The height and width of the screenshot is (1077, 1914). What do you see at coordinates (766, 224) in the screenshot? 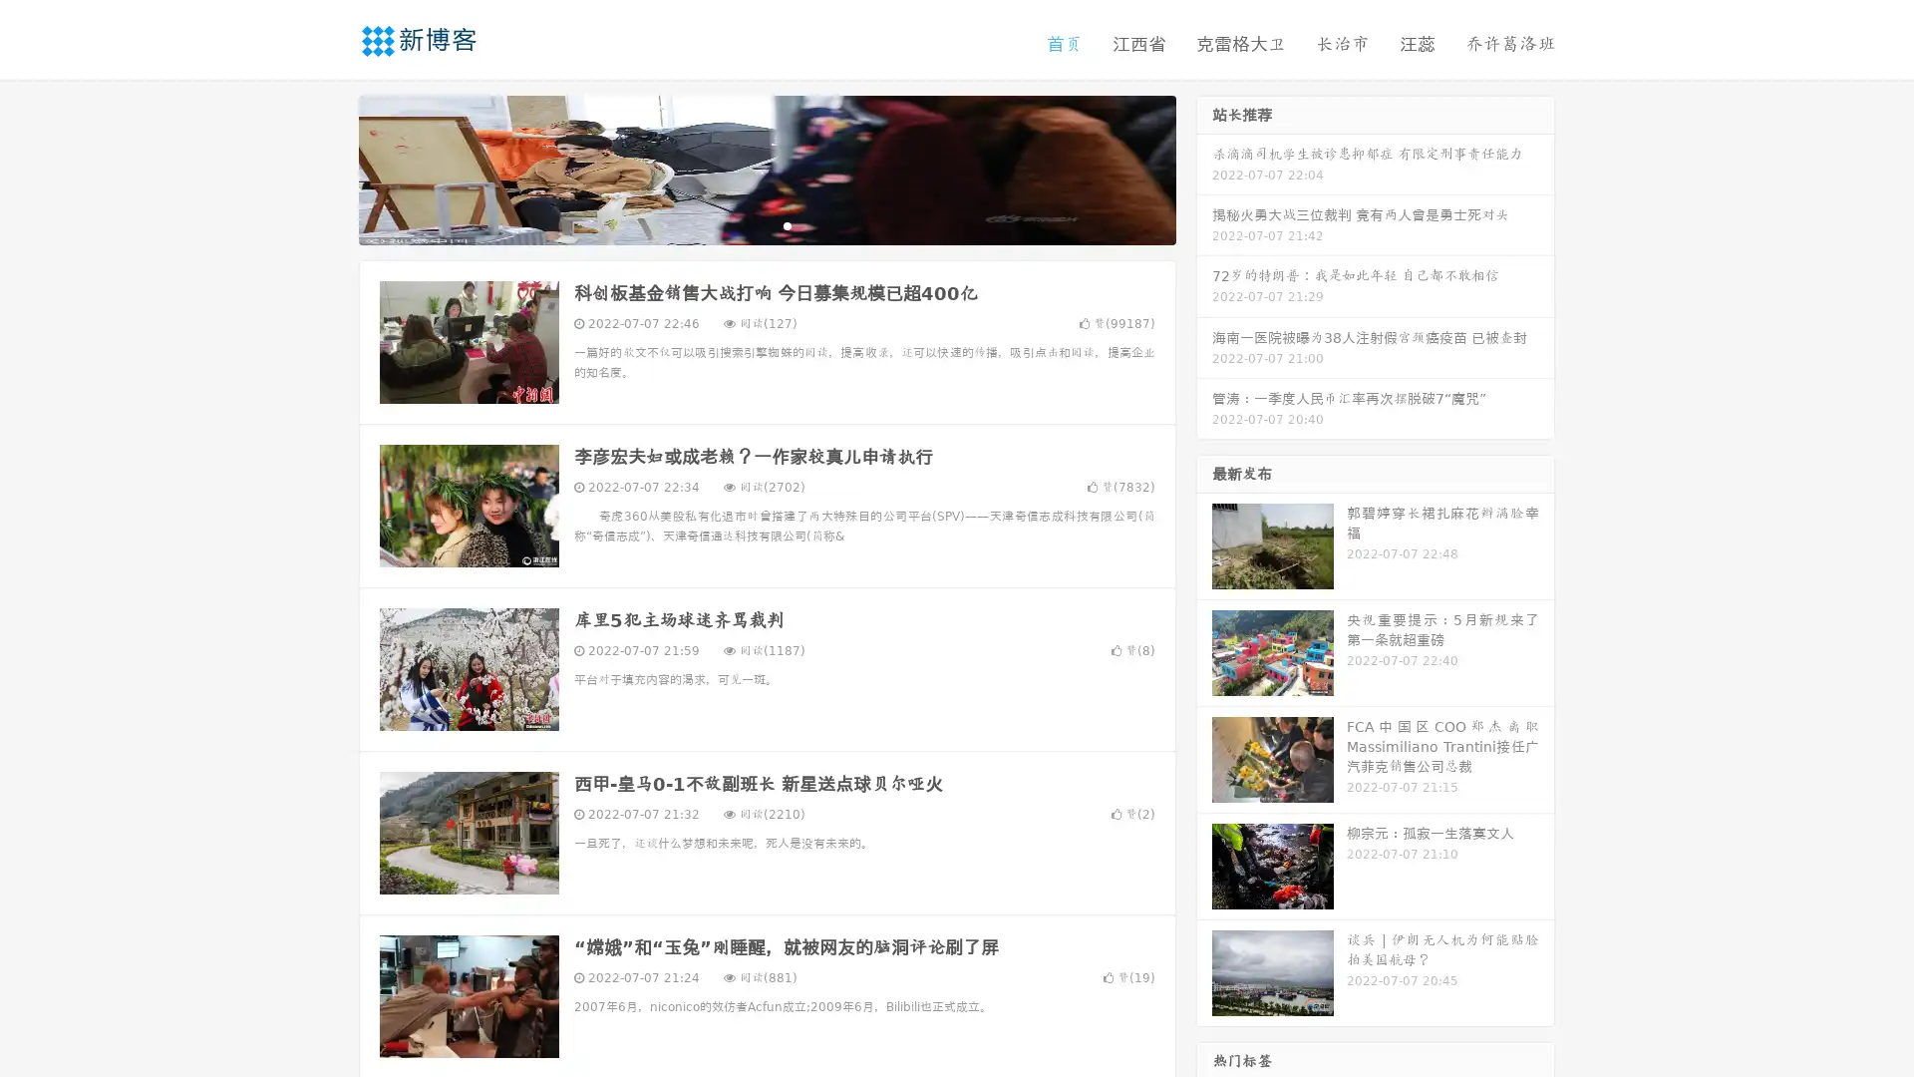
I see `Go to slide 2` at bounding box center [766, 224].